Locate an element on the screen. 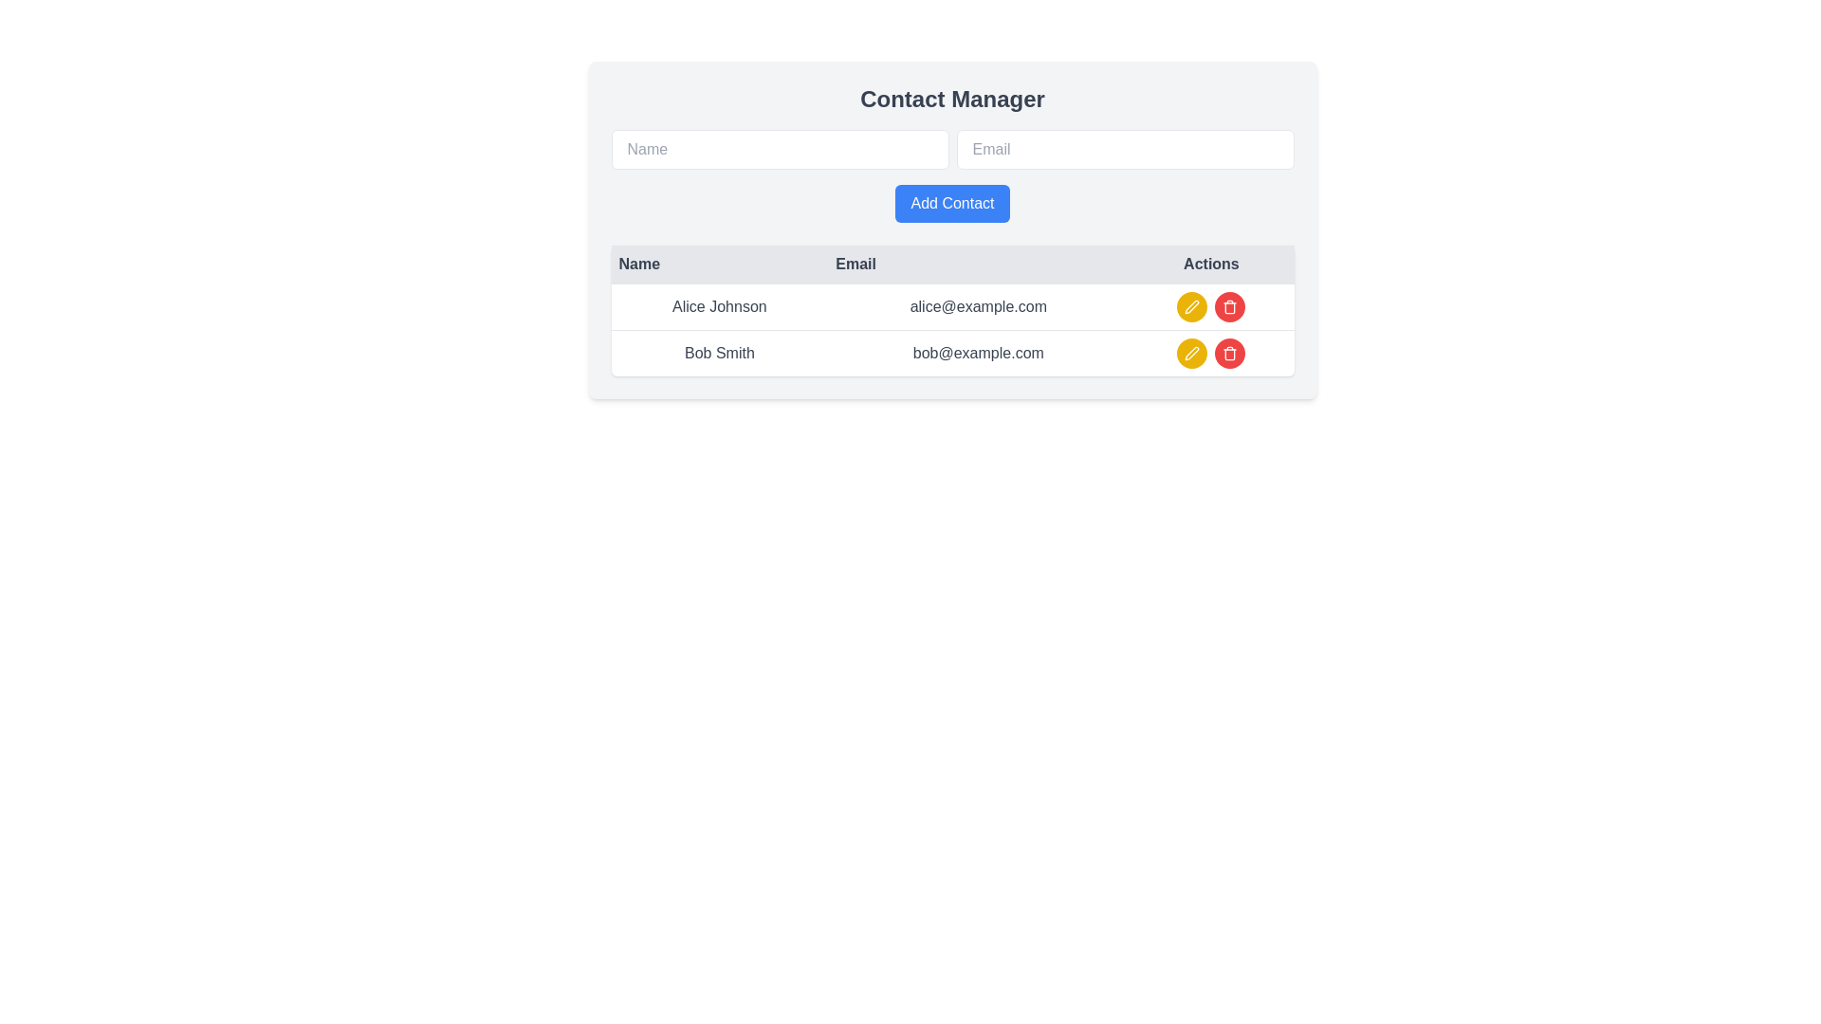  the delete button in the action button group for the contact entry of 'Alice Johnson' with email 'alice@example.com' is located at coordinates (1209, 306).